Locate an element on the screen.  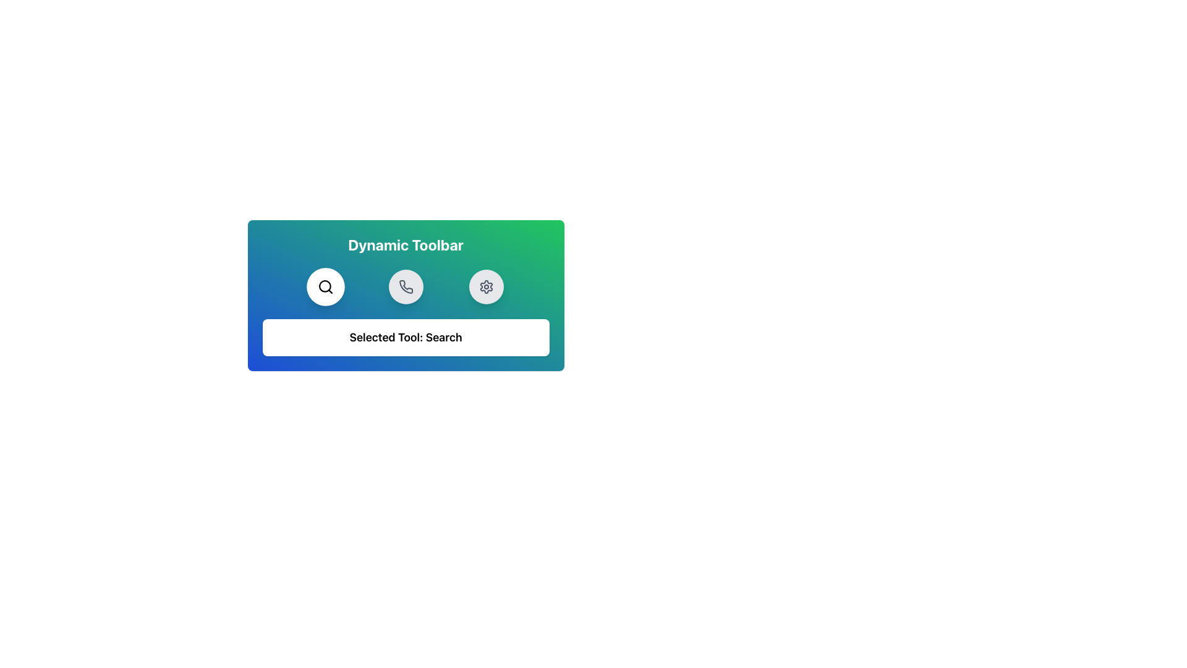
the circular button with a light gray fill and a phone receiver icon, located is located at coordinates (406, 286).